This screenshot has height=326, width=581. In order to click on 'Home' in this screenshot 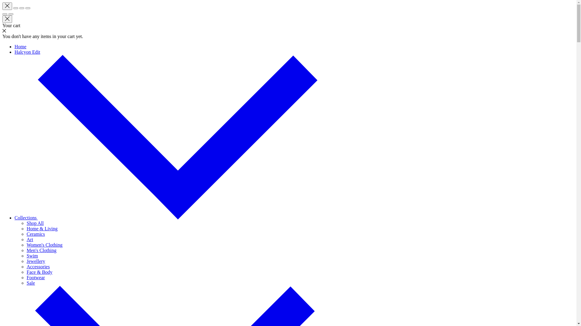, I will do `click(20, 46)`.